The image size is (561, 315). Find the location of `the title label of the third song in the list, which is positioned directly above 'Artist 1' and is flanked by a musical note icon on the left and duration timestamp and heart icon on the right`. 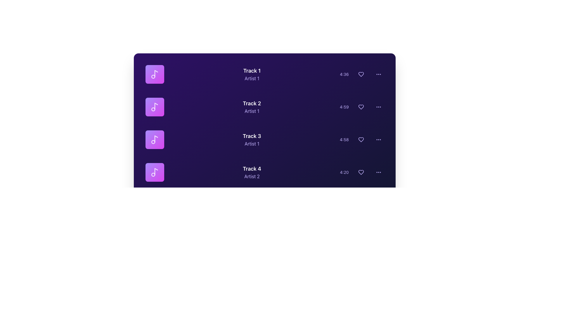

the title label of the third song in the list, which is positioned directly above 'Artist 1' and is flanked by a musical note icon on the left and duration timestamp and heart icon on the right is located at coordinates (252, 136).